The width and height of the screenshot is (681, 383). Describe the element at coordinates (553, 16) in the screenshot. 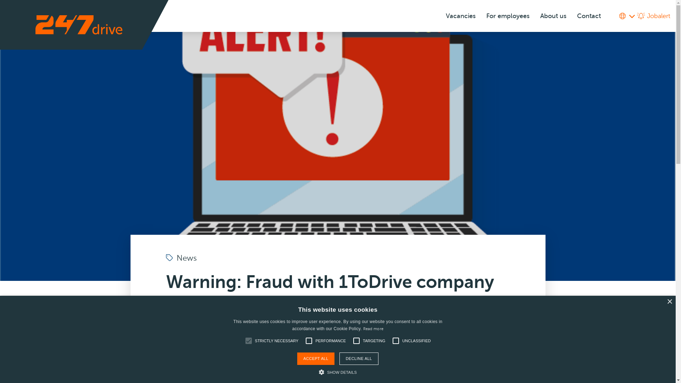

I see `'About us'` at that location.